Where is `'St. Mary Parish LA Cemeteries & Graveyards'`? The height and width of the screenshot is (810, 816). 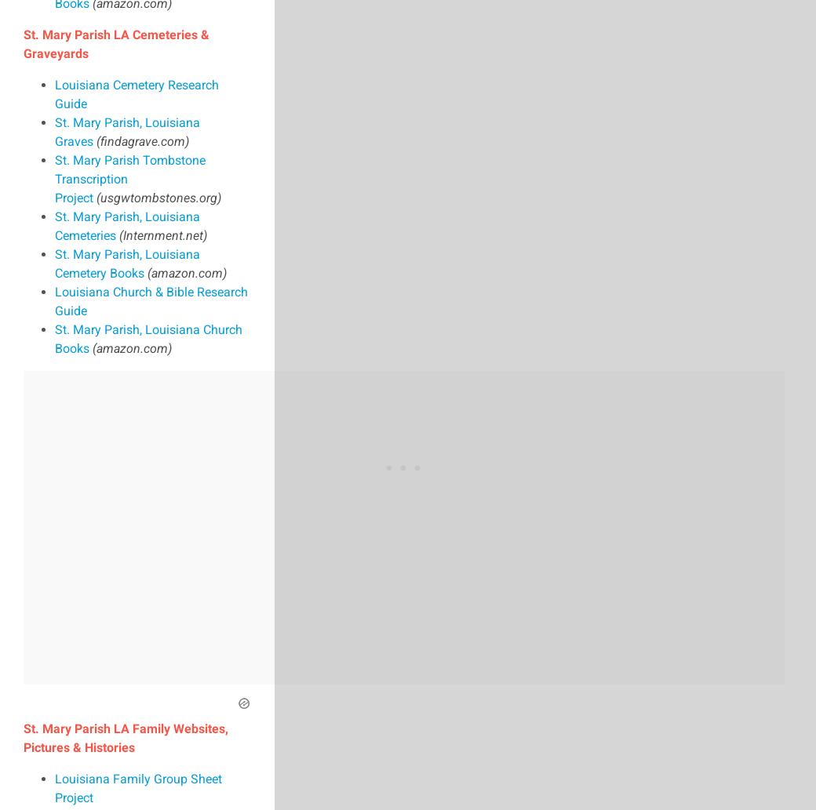
'St. Mary Parish LA Cemeteries & Graveyards' is located at coordinates (116, 43).